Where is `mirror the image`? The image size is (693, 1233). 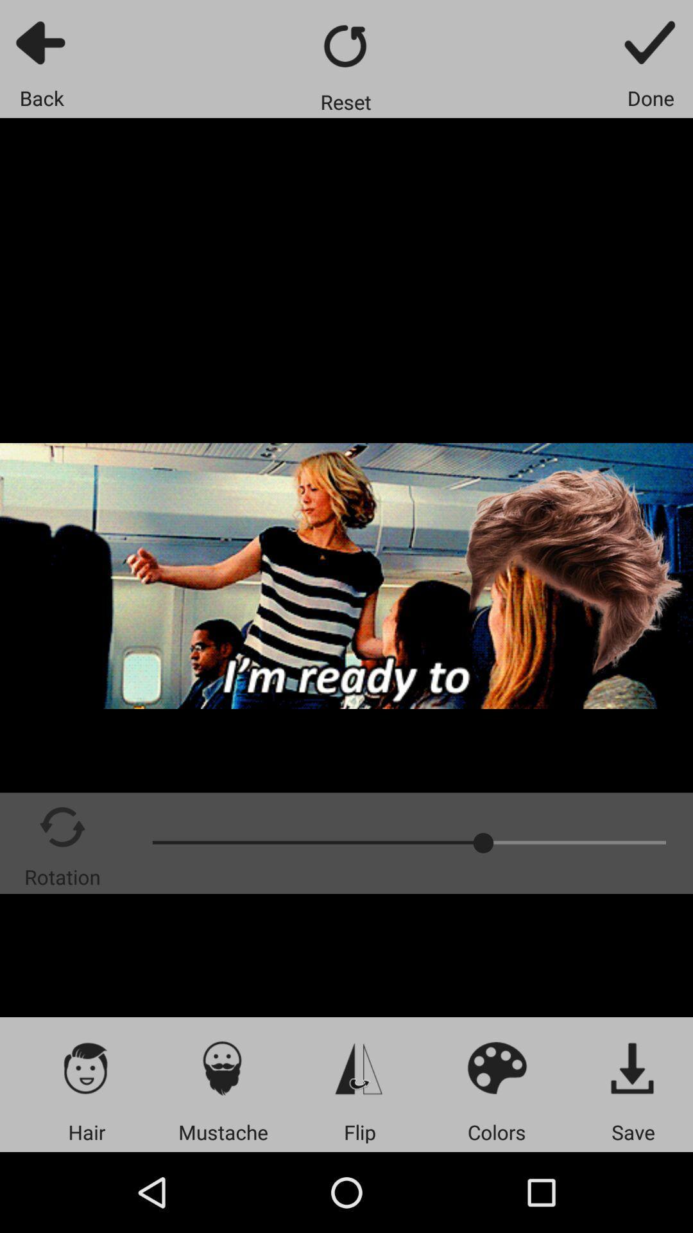 mirror the image is located at coordinates (359, 1067).